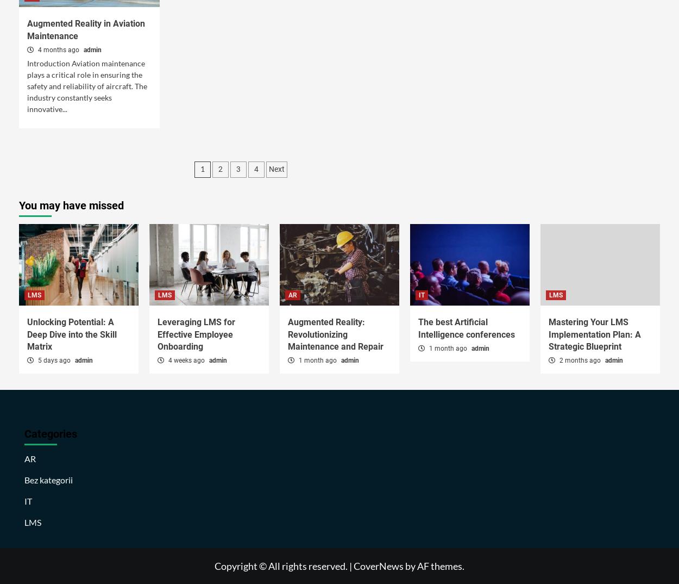  I want to click on '5 days ago', so click(54, 359).